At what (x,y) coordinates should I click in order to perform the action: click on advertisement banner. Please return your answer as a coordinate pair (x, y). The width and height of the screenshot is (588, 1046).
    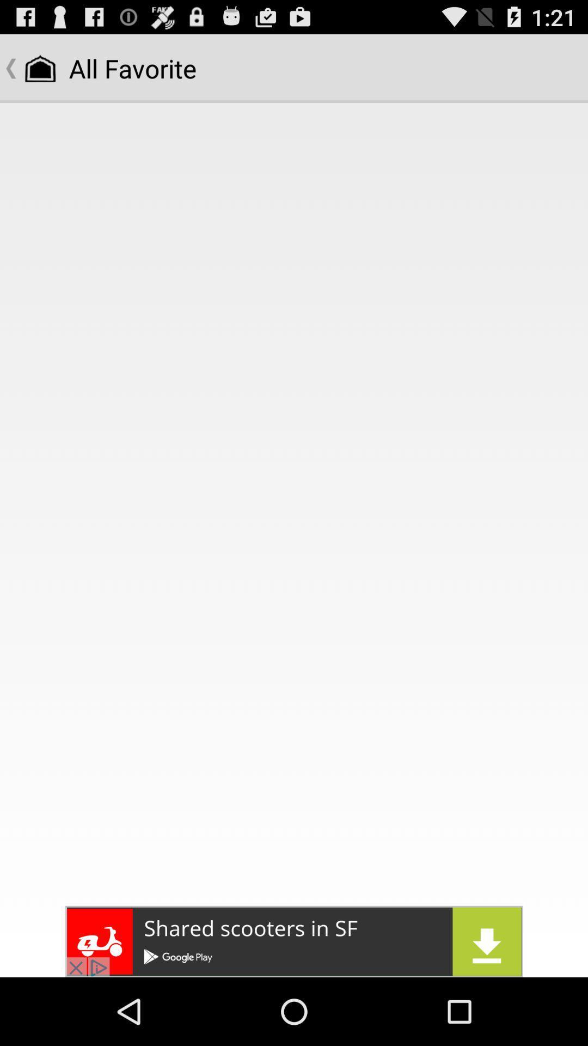
    Looking at the image, I should click on (294, 941).